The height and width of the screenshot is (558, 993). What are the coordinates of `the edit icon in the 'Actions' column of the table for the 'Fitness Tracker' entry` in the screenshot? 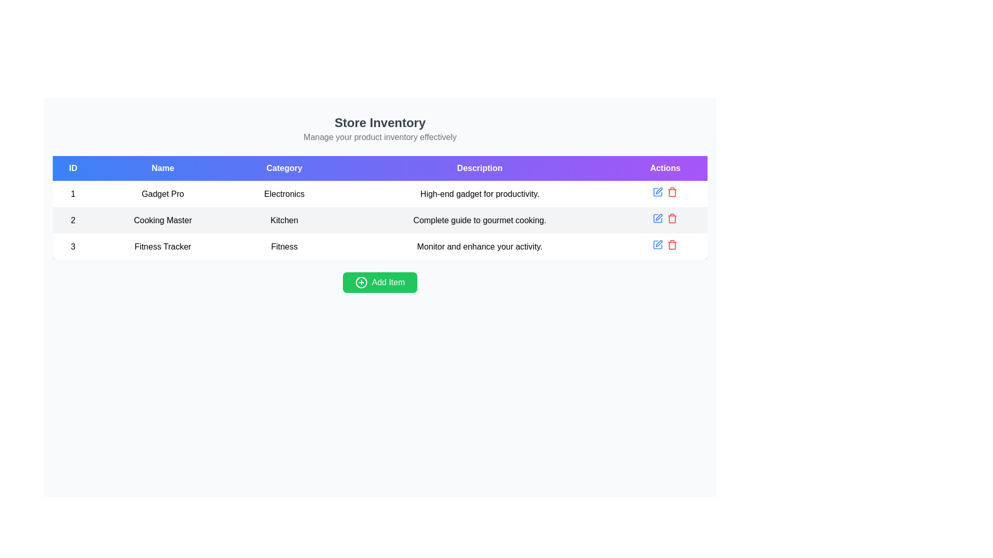 It's located at (657, 245).